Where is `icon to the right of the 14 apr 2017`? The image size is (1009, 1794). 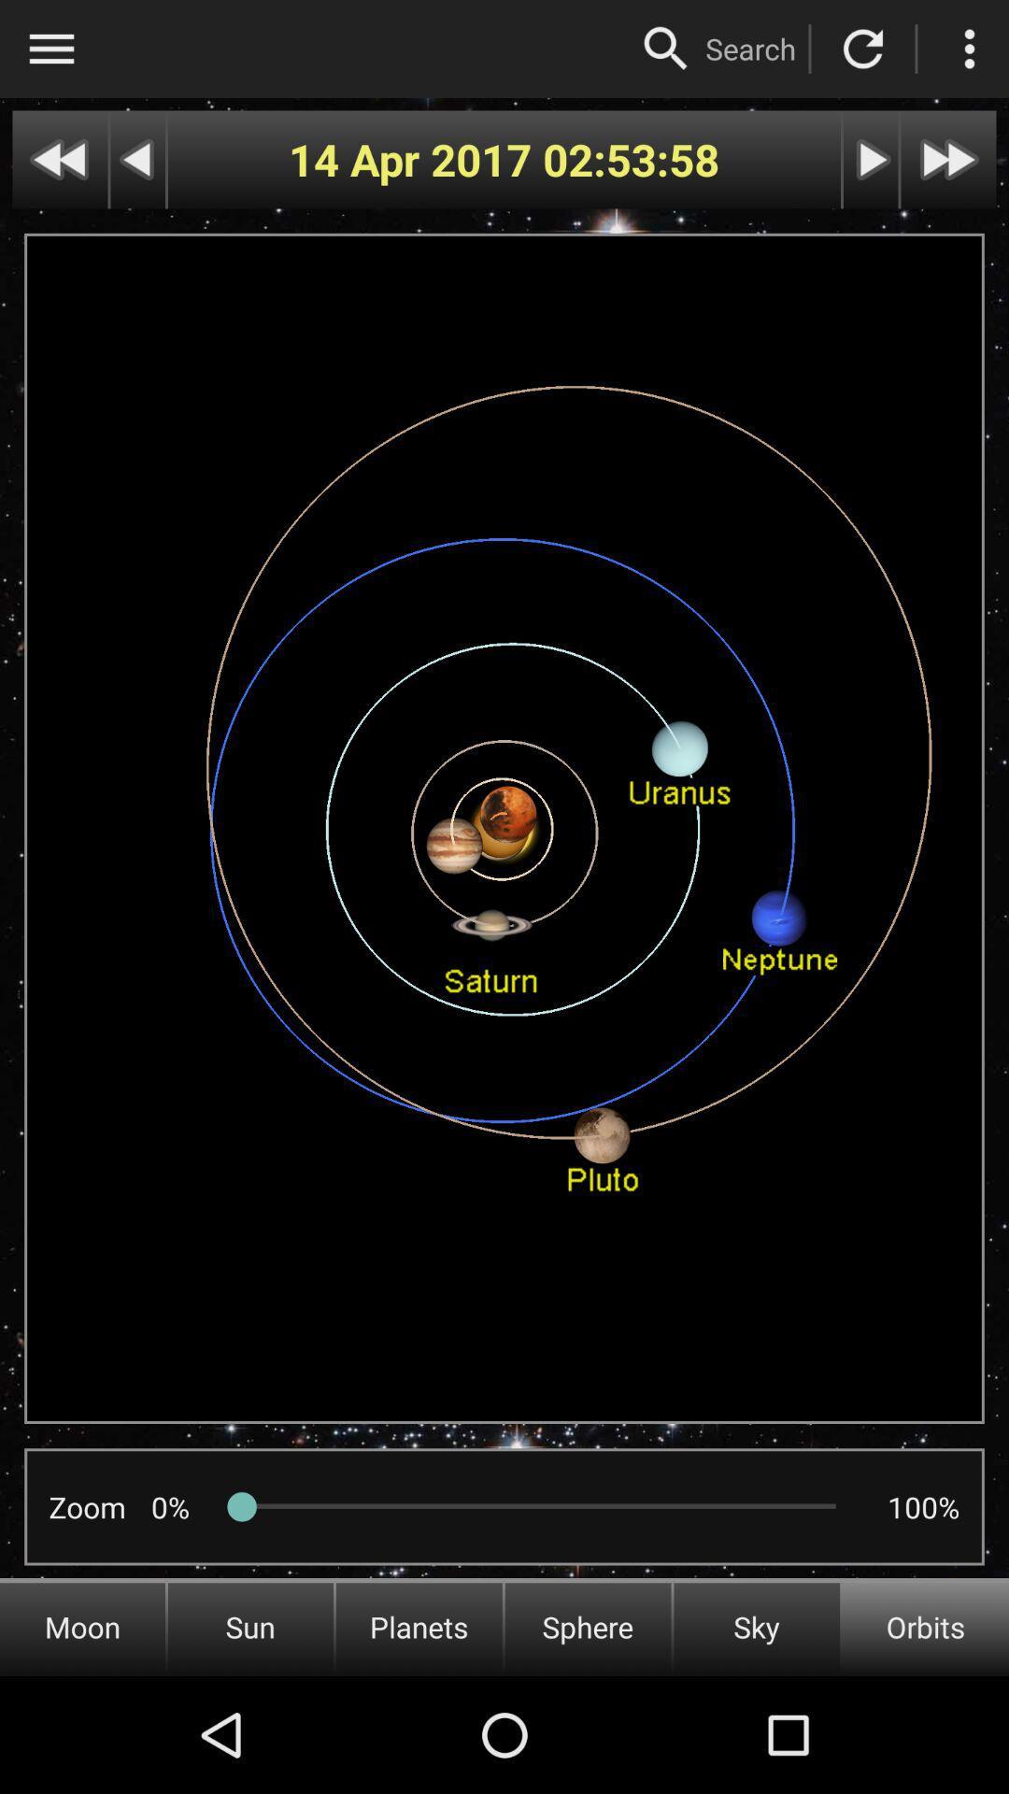 icon to the right of the 14 apr 2017 is located at coordinates (631, 160).